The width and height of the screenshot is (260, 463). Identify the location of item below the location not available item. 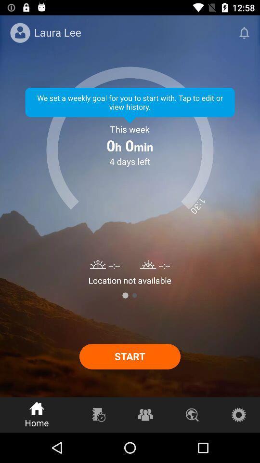
(125, 295).